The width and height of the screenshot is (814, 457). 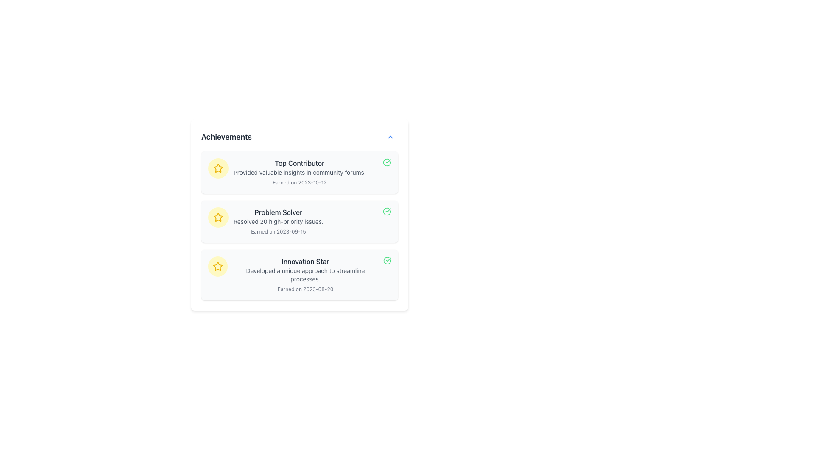 What do you see at coordinates (279, 212) in the screenshot?
I see `the text label reading 'Problem Solver' which is styled with medium font weight and dark gray color, located on the second achievement card in the vertical list of achievement cards` at bounding box center [279, 212].